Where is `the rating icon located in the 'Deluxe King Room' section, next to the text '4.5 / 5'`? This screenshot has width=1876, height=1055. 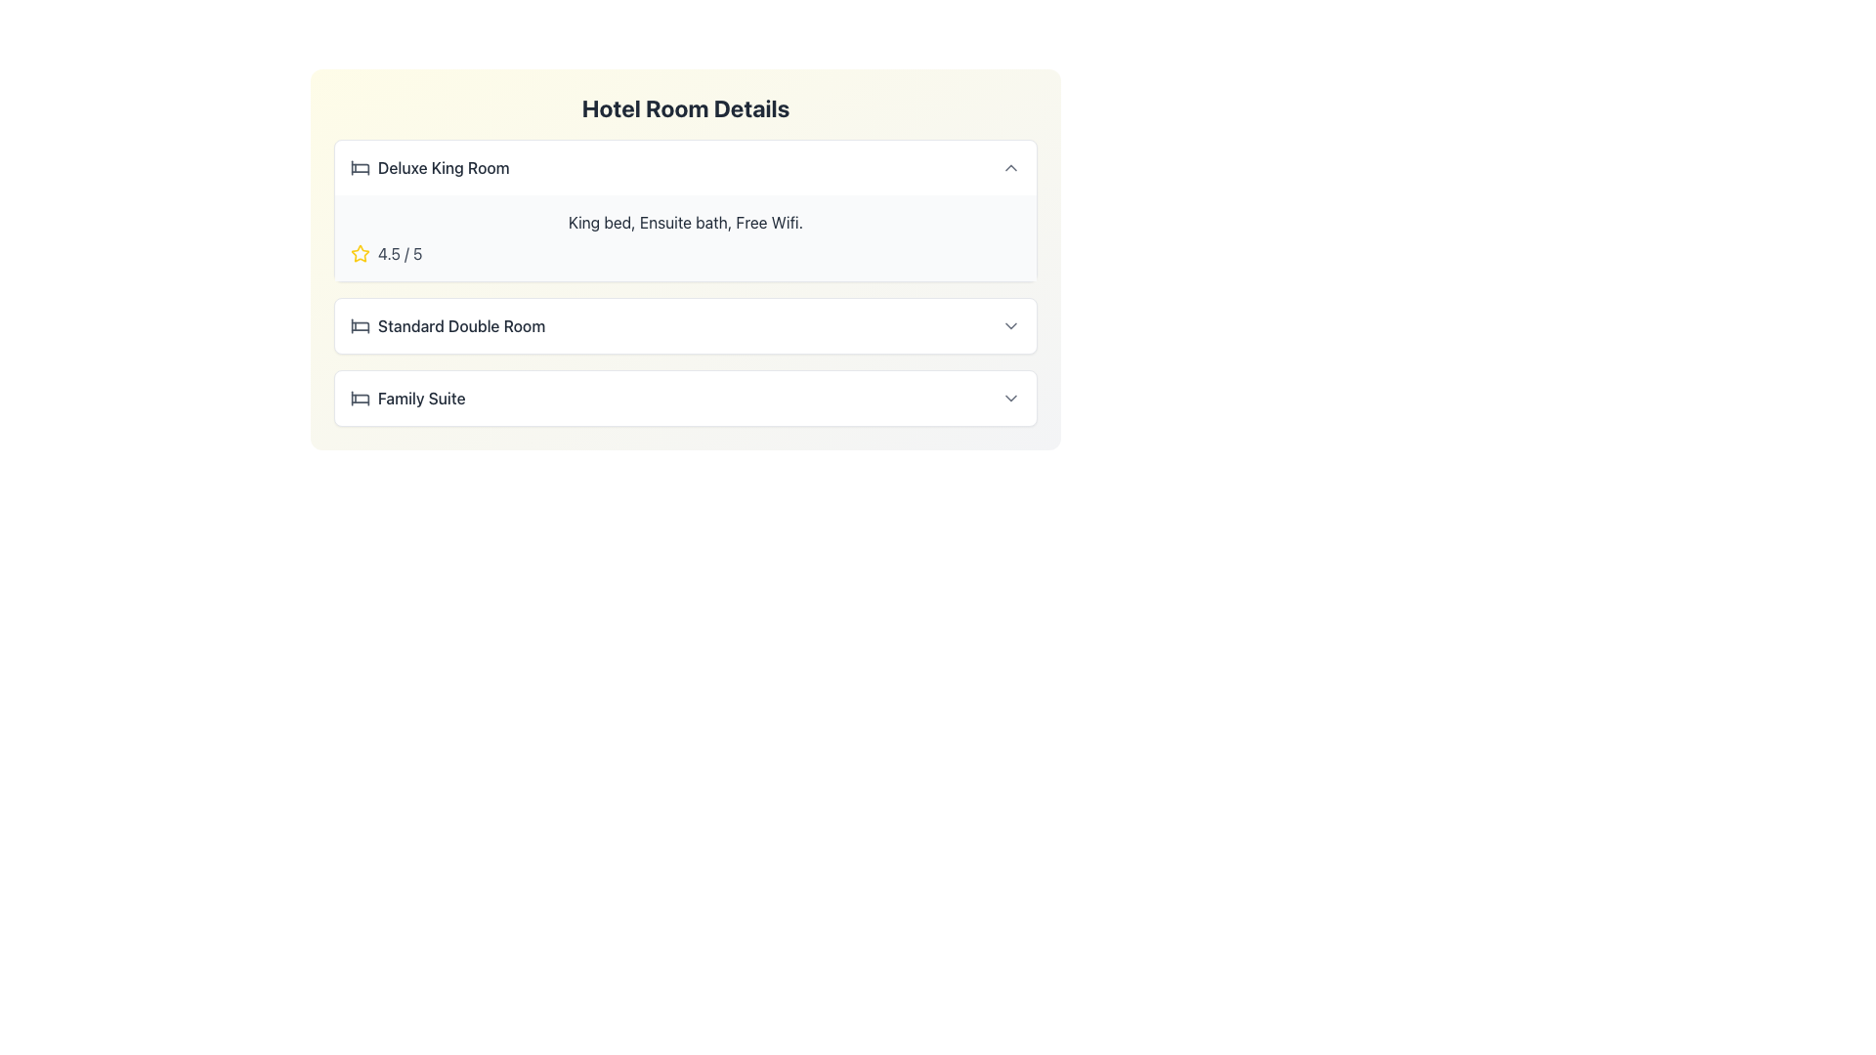 the rating icon located in the 'Deluxe King Room' section, next to the text '4.5 / 5' is located at coordinates (361, 252).